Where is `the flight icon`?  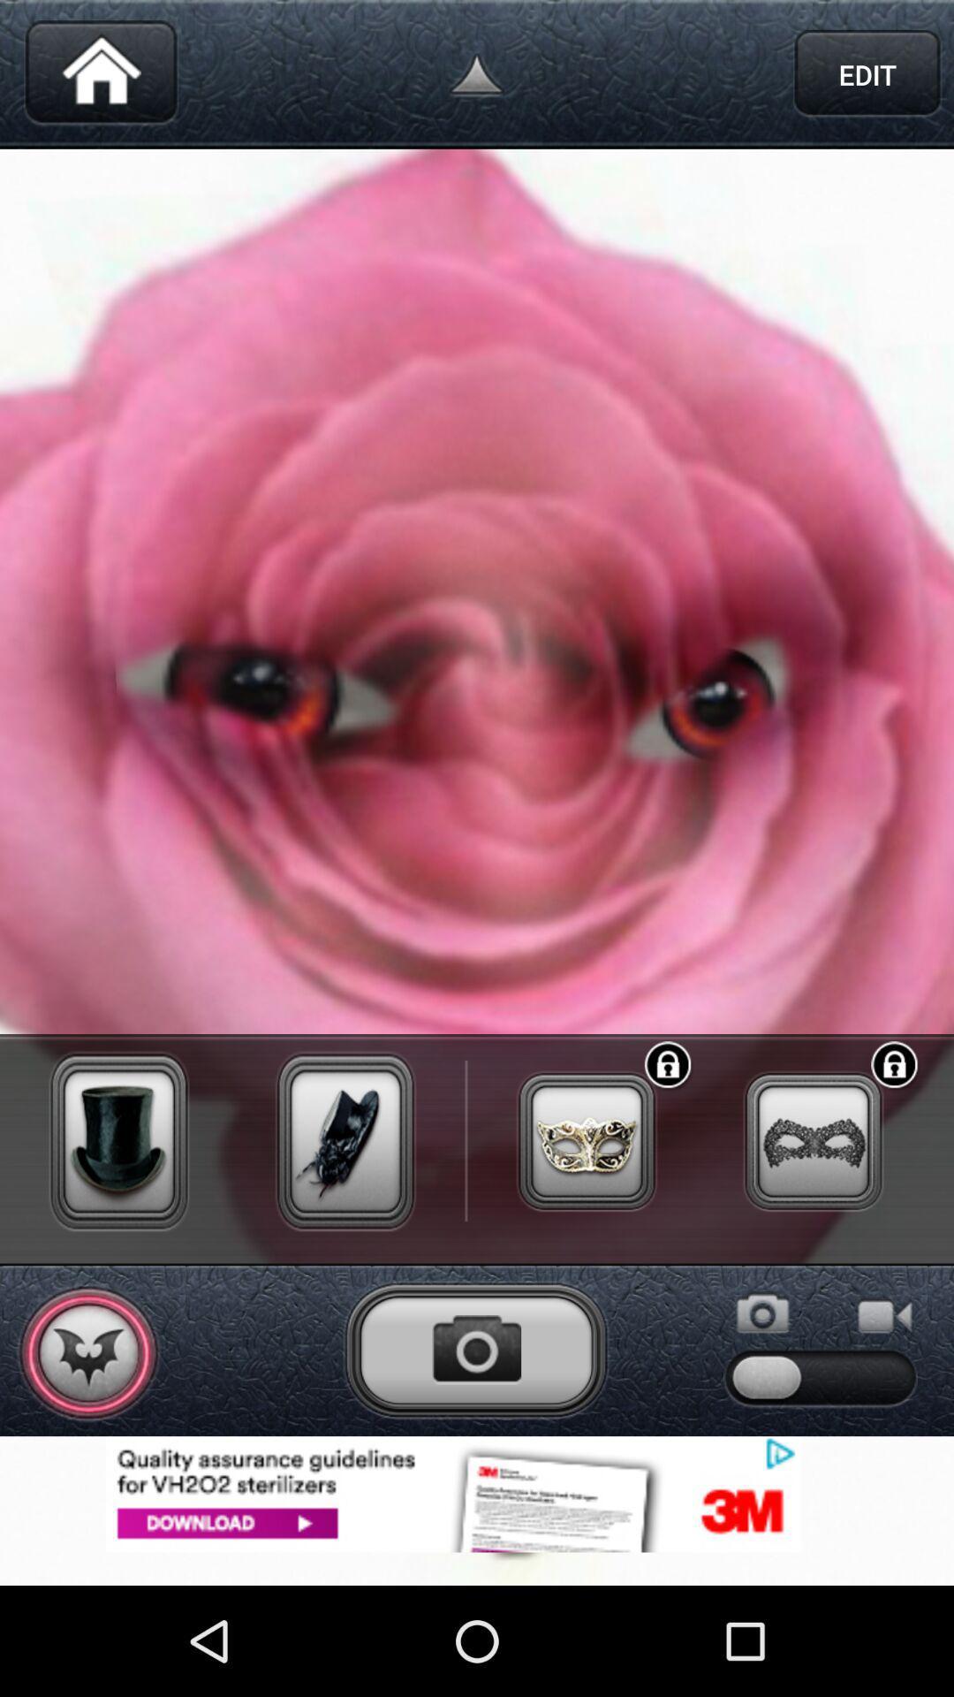 the flight icon is located at coordinates (88, 1448).